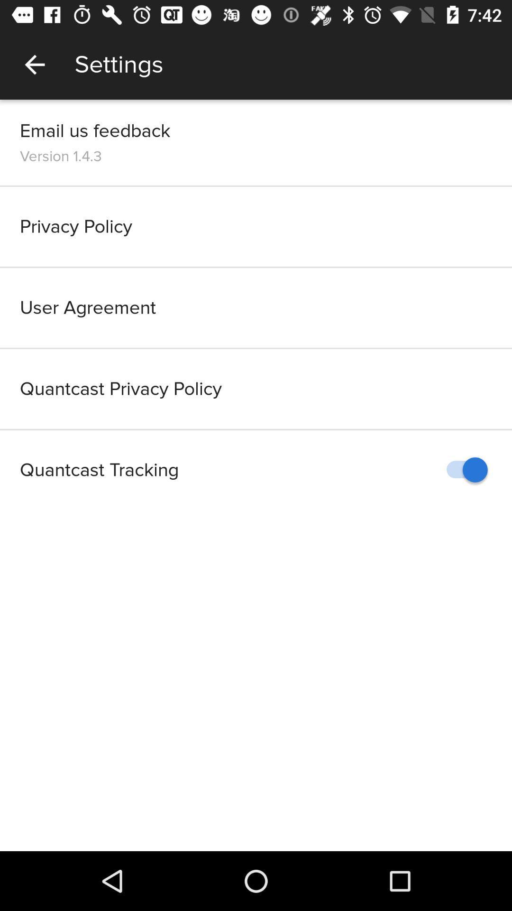 The width and height of the screenshot is (512, 911). Describe the element at coordinates (462, 470) in the screenshot. I see `the icon to the right of quantcast tracking` at that location.